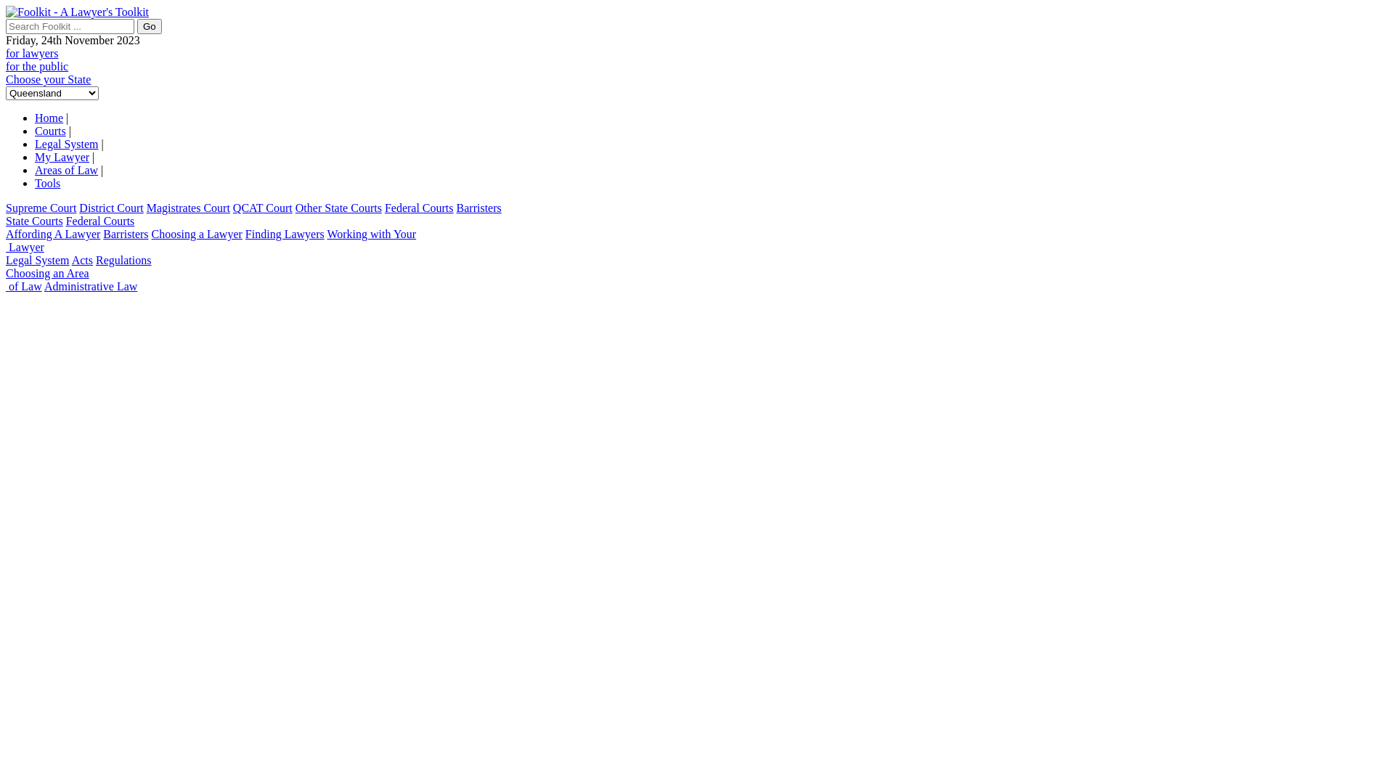  Describe the element at coordinates (136, 26) in the screenshot. I see `'Go'` at that location.